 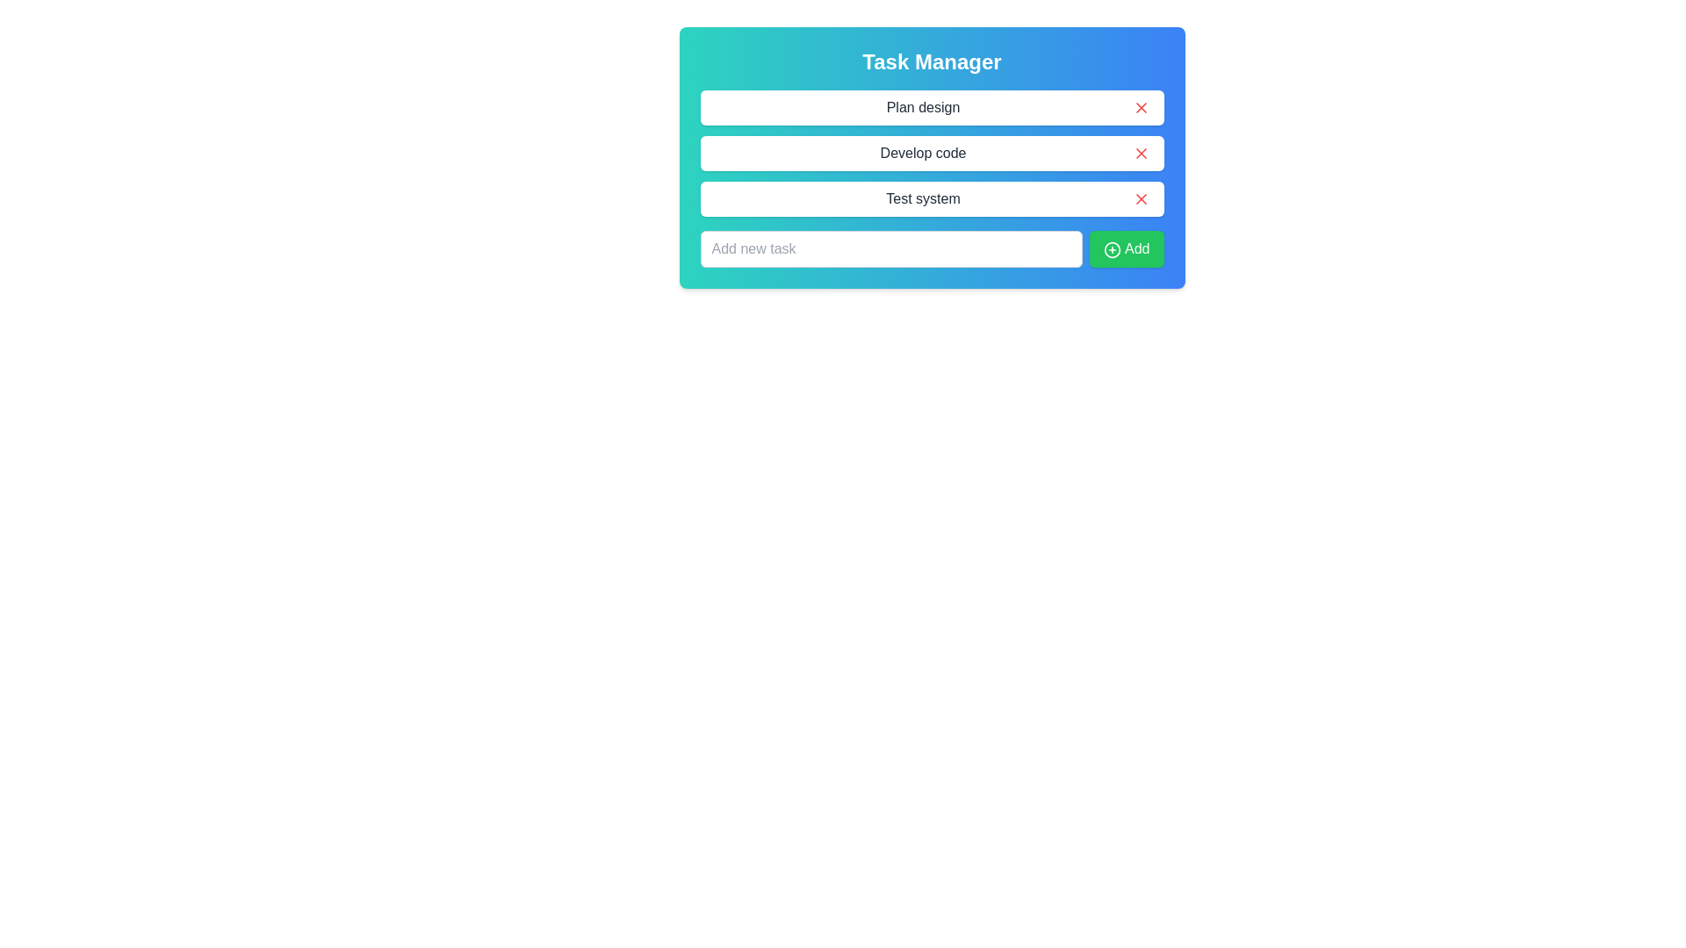 What do you see at coordinates (1141, 152) in the screenshot?
I see `the 'X' button next to the task labeled Develop code to remove it` at bounding box center [1141, 152].